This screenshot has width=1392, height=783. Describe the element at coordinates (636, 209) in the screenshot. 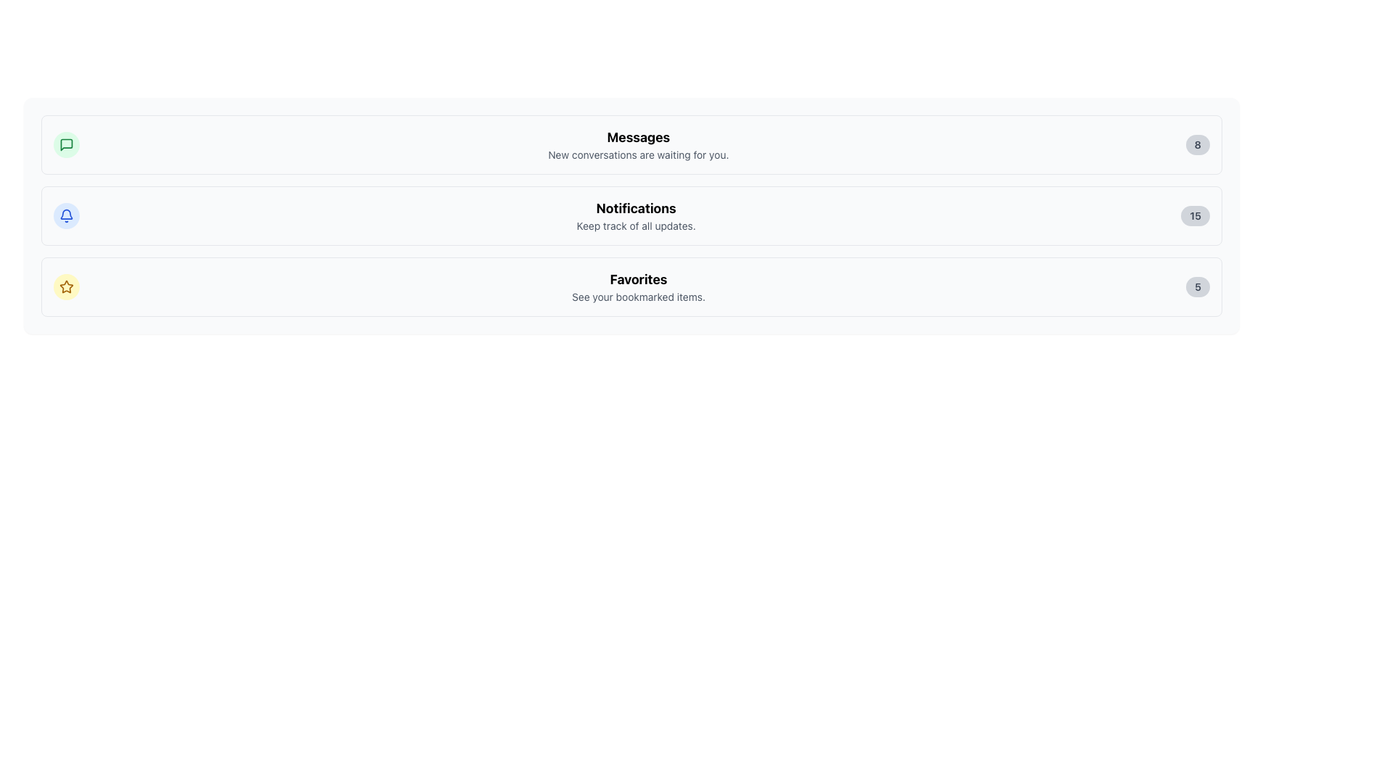

I see `the Text Label that serves as a title for the notifications section, located below 'Messages' and above 'Favorites'` at that location.